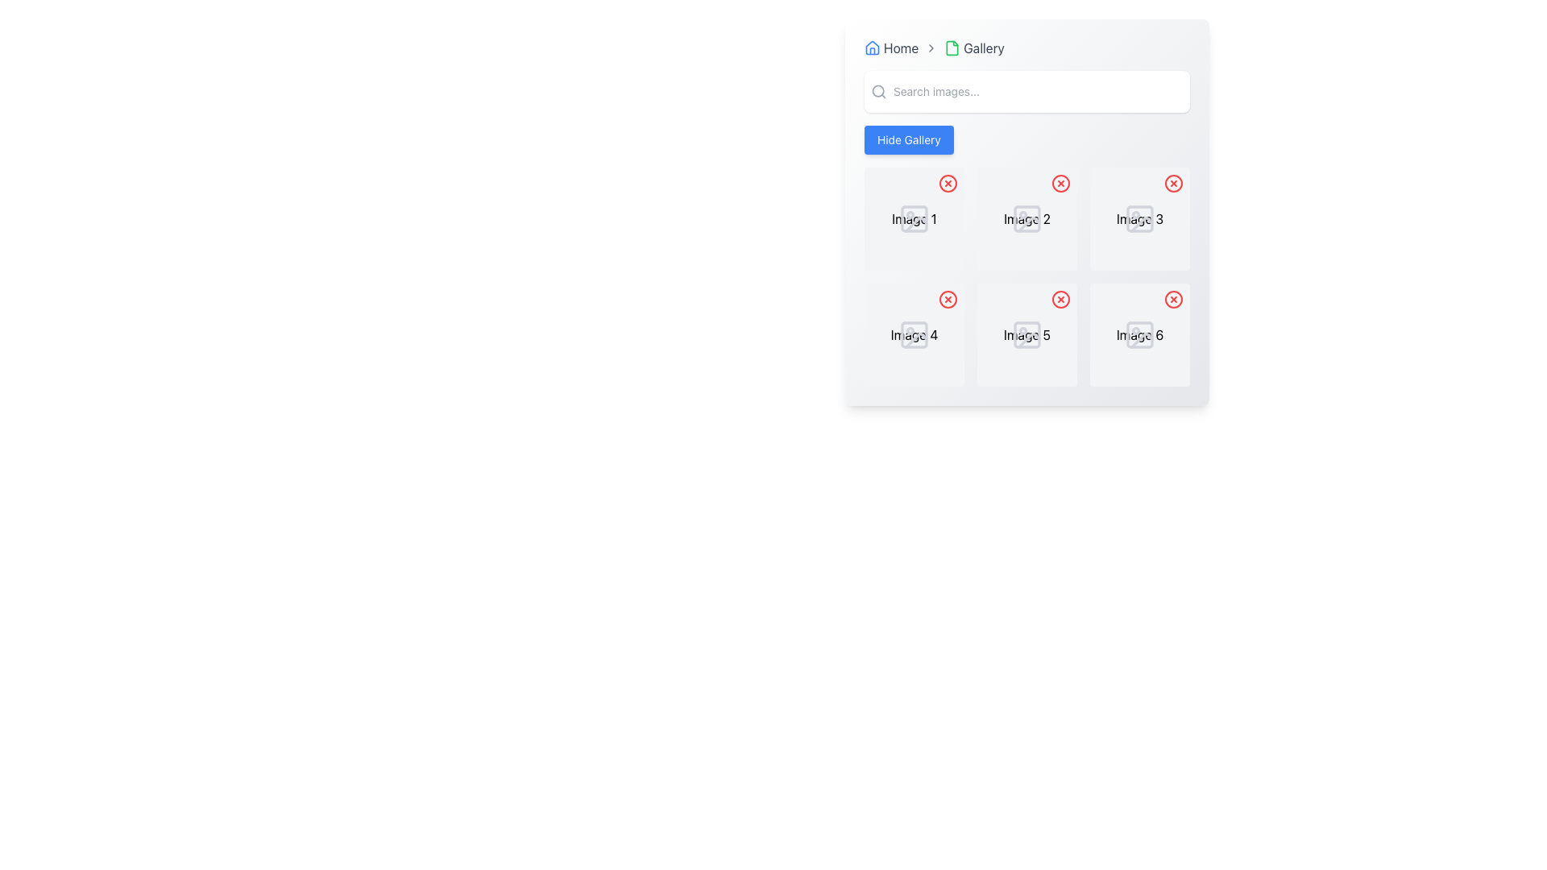 The height and width of the screenshot is (870, 1547). What do you see at coordinates (1139, 219) in the screenshot?
I see `the vector graphic icon located in the gallery panel under 'Image 3'` at bounding box center [1139, 219].